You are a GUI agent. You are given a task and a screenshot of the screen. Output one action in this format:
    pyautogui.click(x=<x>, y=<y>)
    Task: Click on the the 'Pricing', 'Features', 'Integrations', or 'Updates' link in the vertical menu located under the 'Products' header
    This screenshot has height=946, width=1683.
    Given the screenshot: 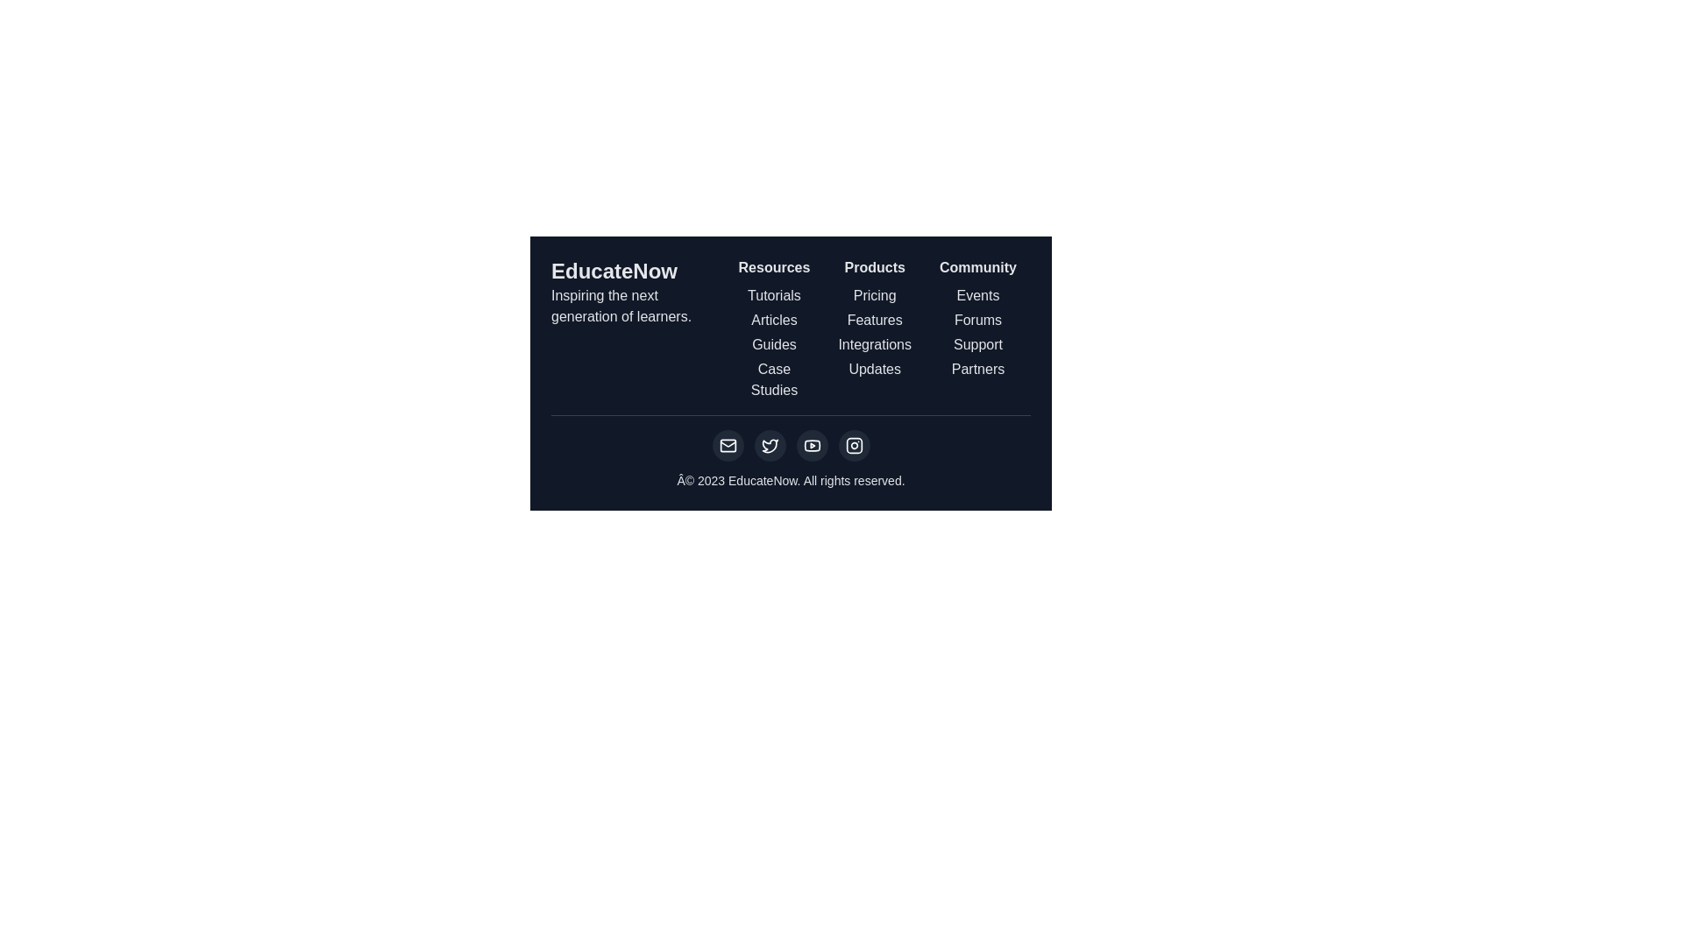 What is the action you would take?
    pyautogui.click(x=875, y=333)
    